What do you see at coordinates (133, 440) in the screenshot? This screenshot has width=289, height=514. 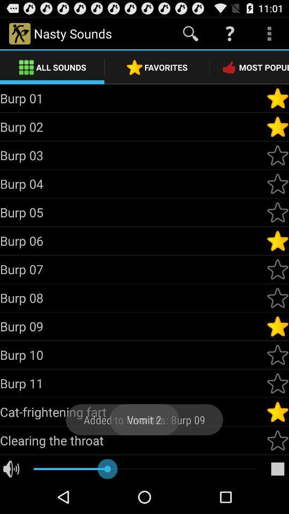 I see `clearing the throat` at bounding box center [133, 440].